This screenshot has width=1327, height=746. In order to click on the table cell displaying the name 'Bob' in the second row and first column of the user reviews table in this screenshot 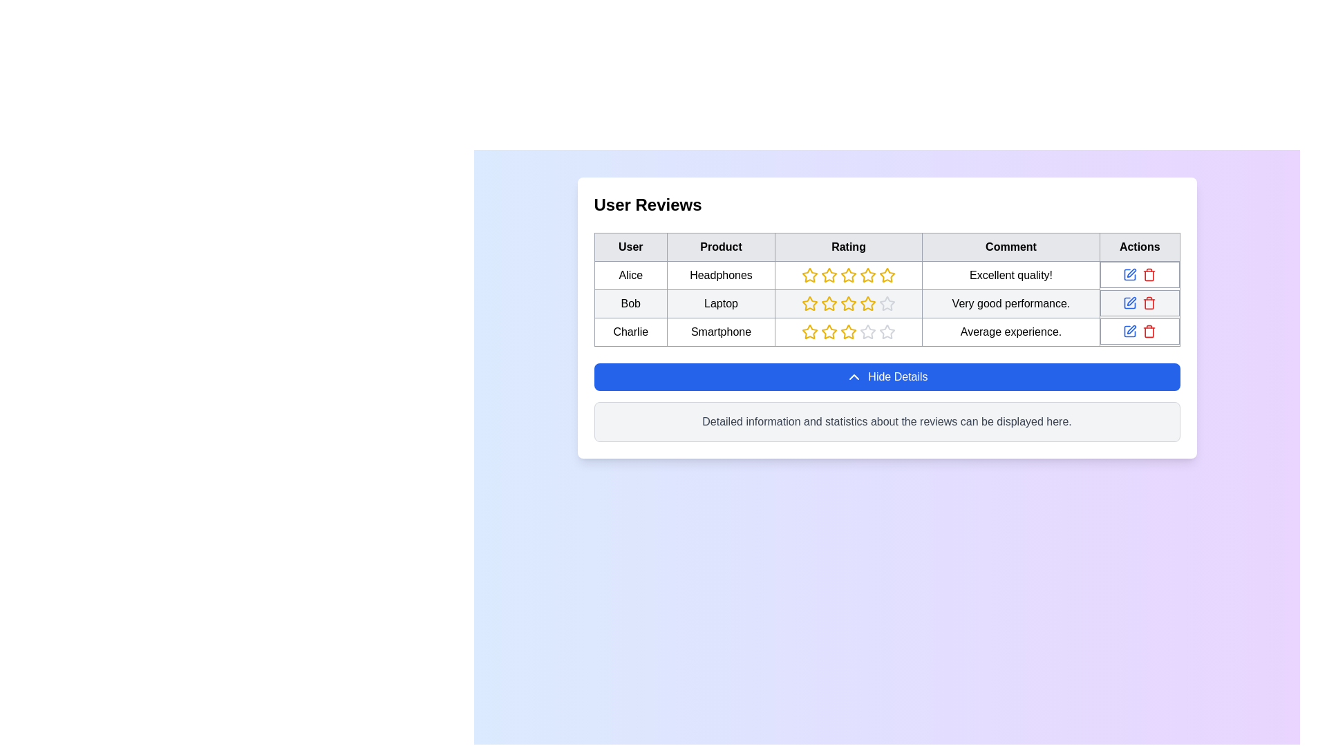, I will do `click(630, 303)`.